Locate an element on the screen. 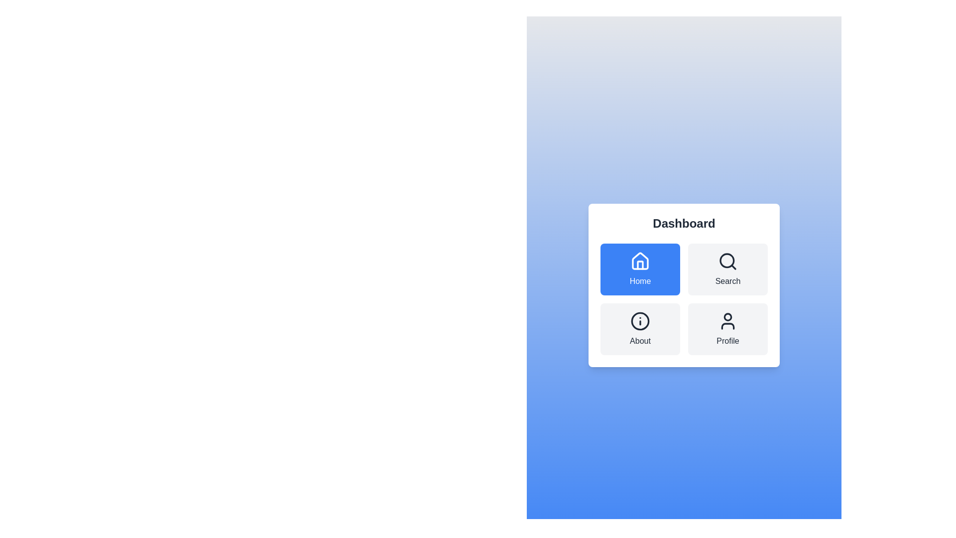  the 'i' icon inside a circular border located in the bottom-left quadrant of the 'About' card is located at coordinates (640, 321).